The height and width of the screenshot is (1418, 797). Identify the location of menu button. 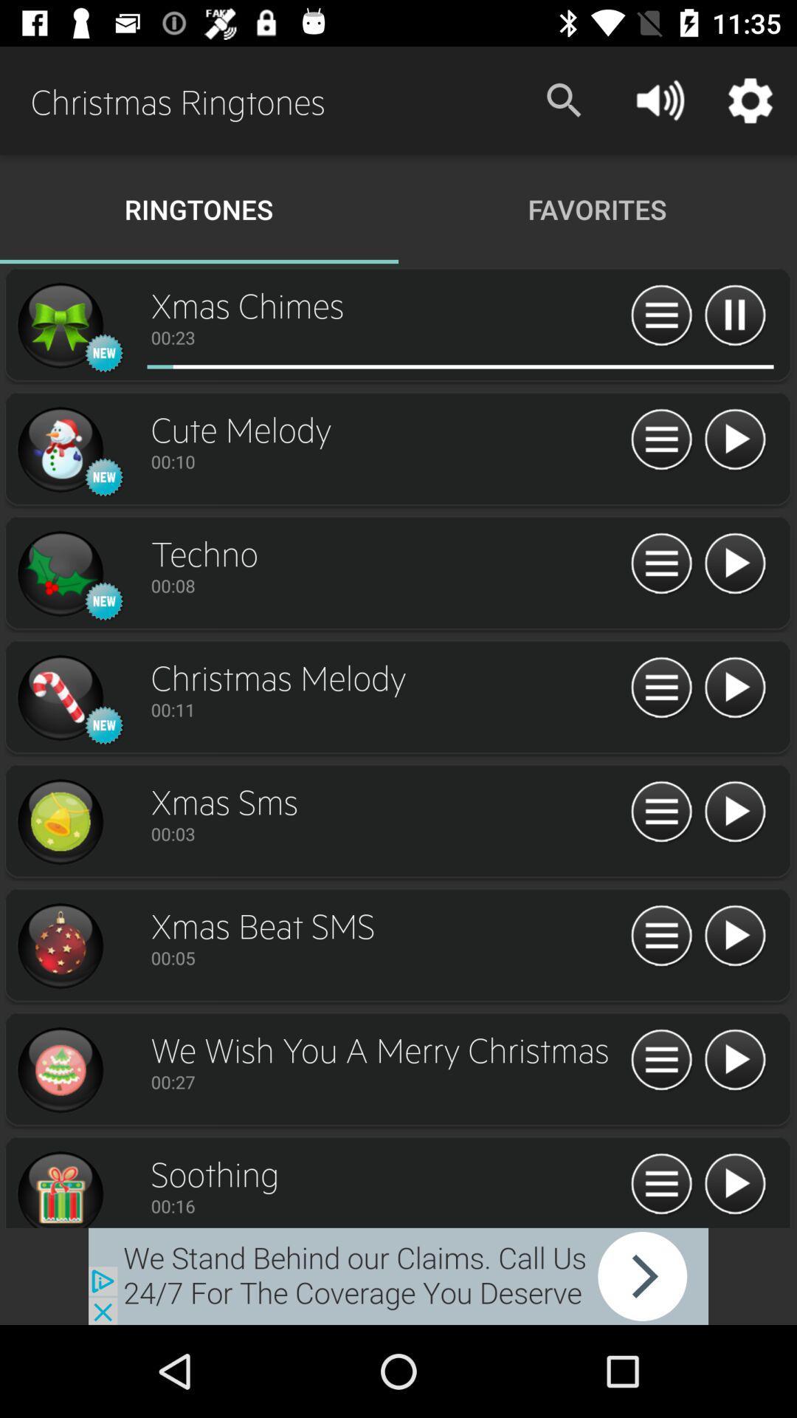
(660, 936).